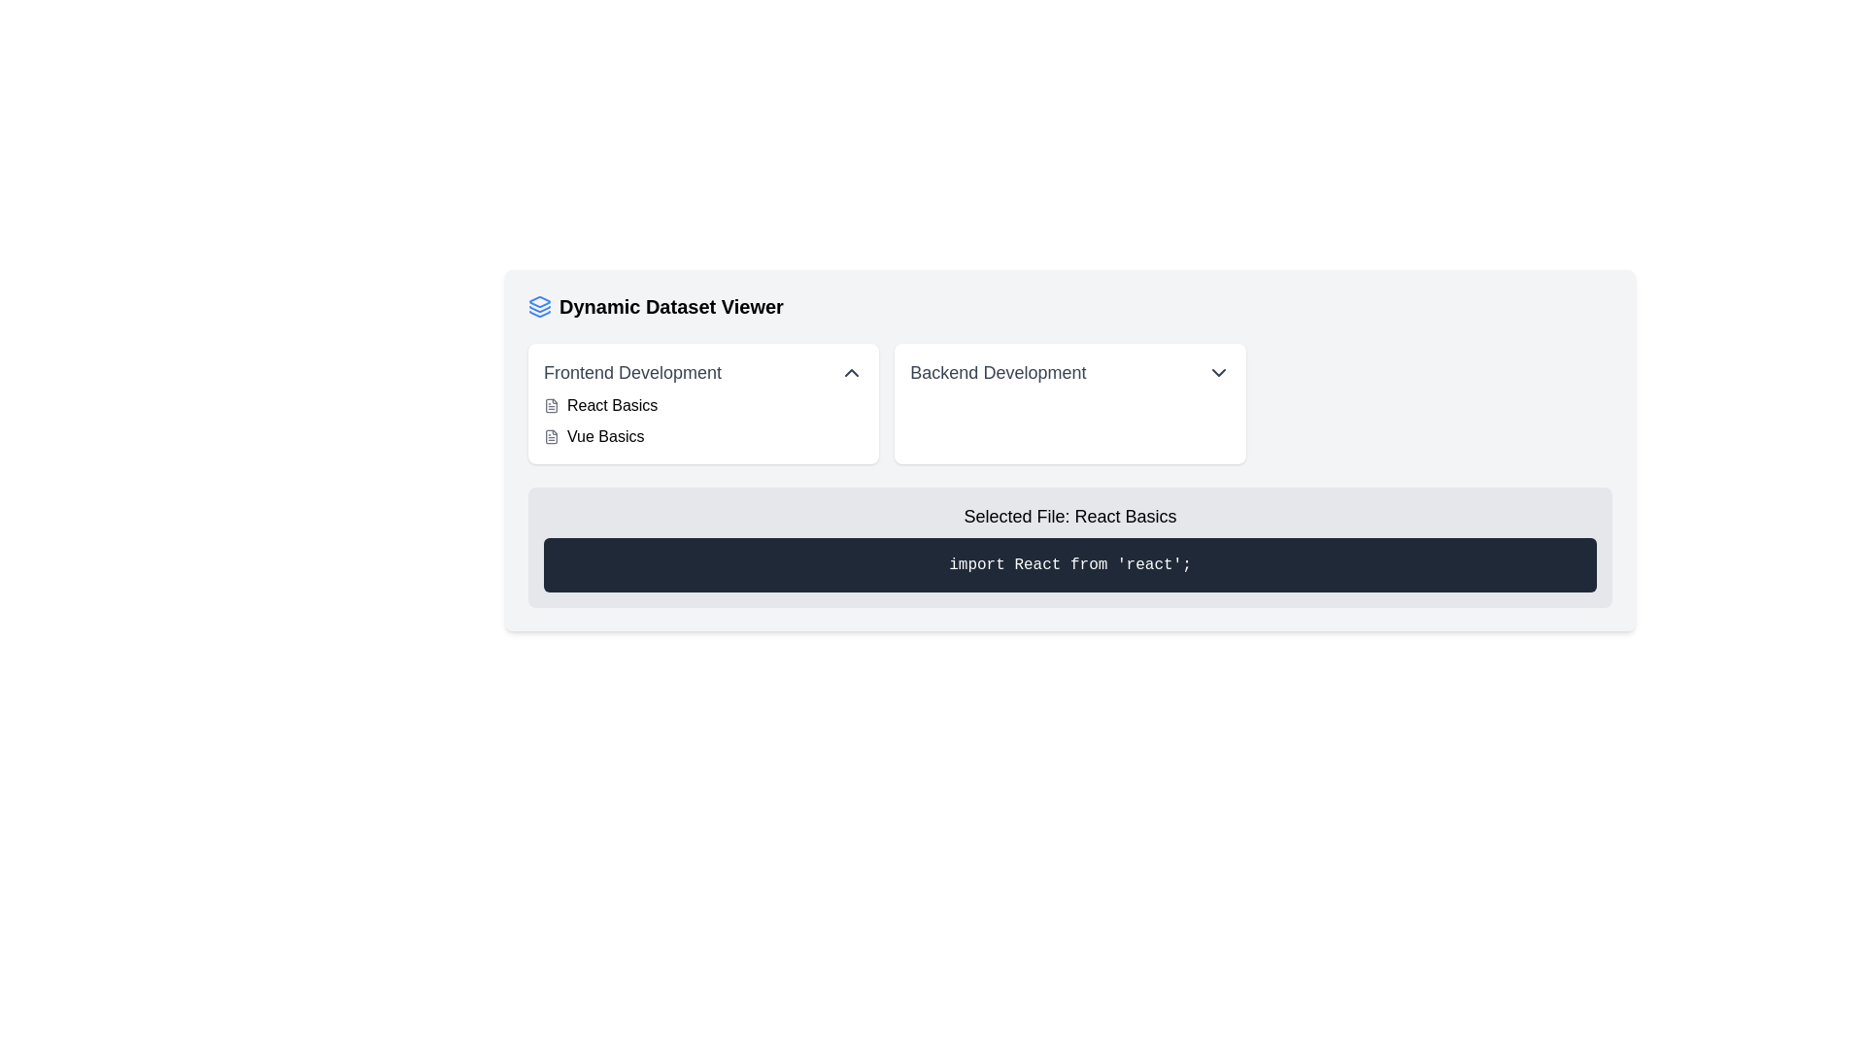 The image size is (1865, 1049). Describe the element at coordinates (852, 373) in the screenshot. I see `the upward-pointing chevron icon next to the 'Frontend Development' text` at that location.